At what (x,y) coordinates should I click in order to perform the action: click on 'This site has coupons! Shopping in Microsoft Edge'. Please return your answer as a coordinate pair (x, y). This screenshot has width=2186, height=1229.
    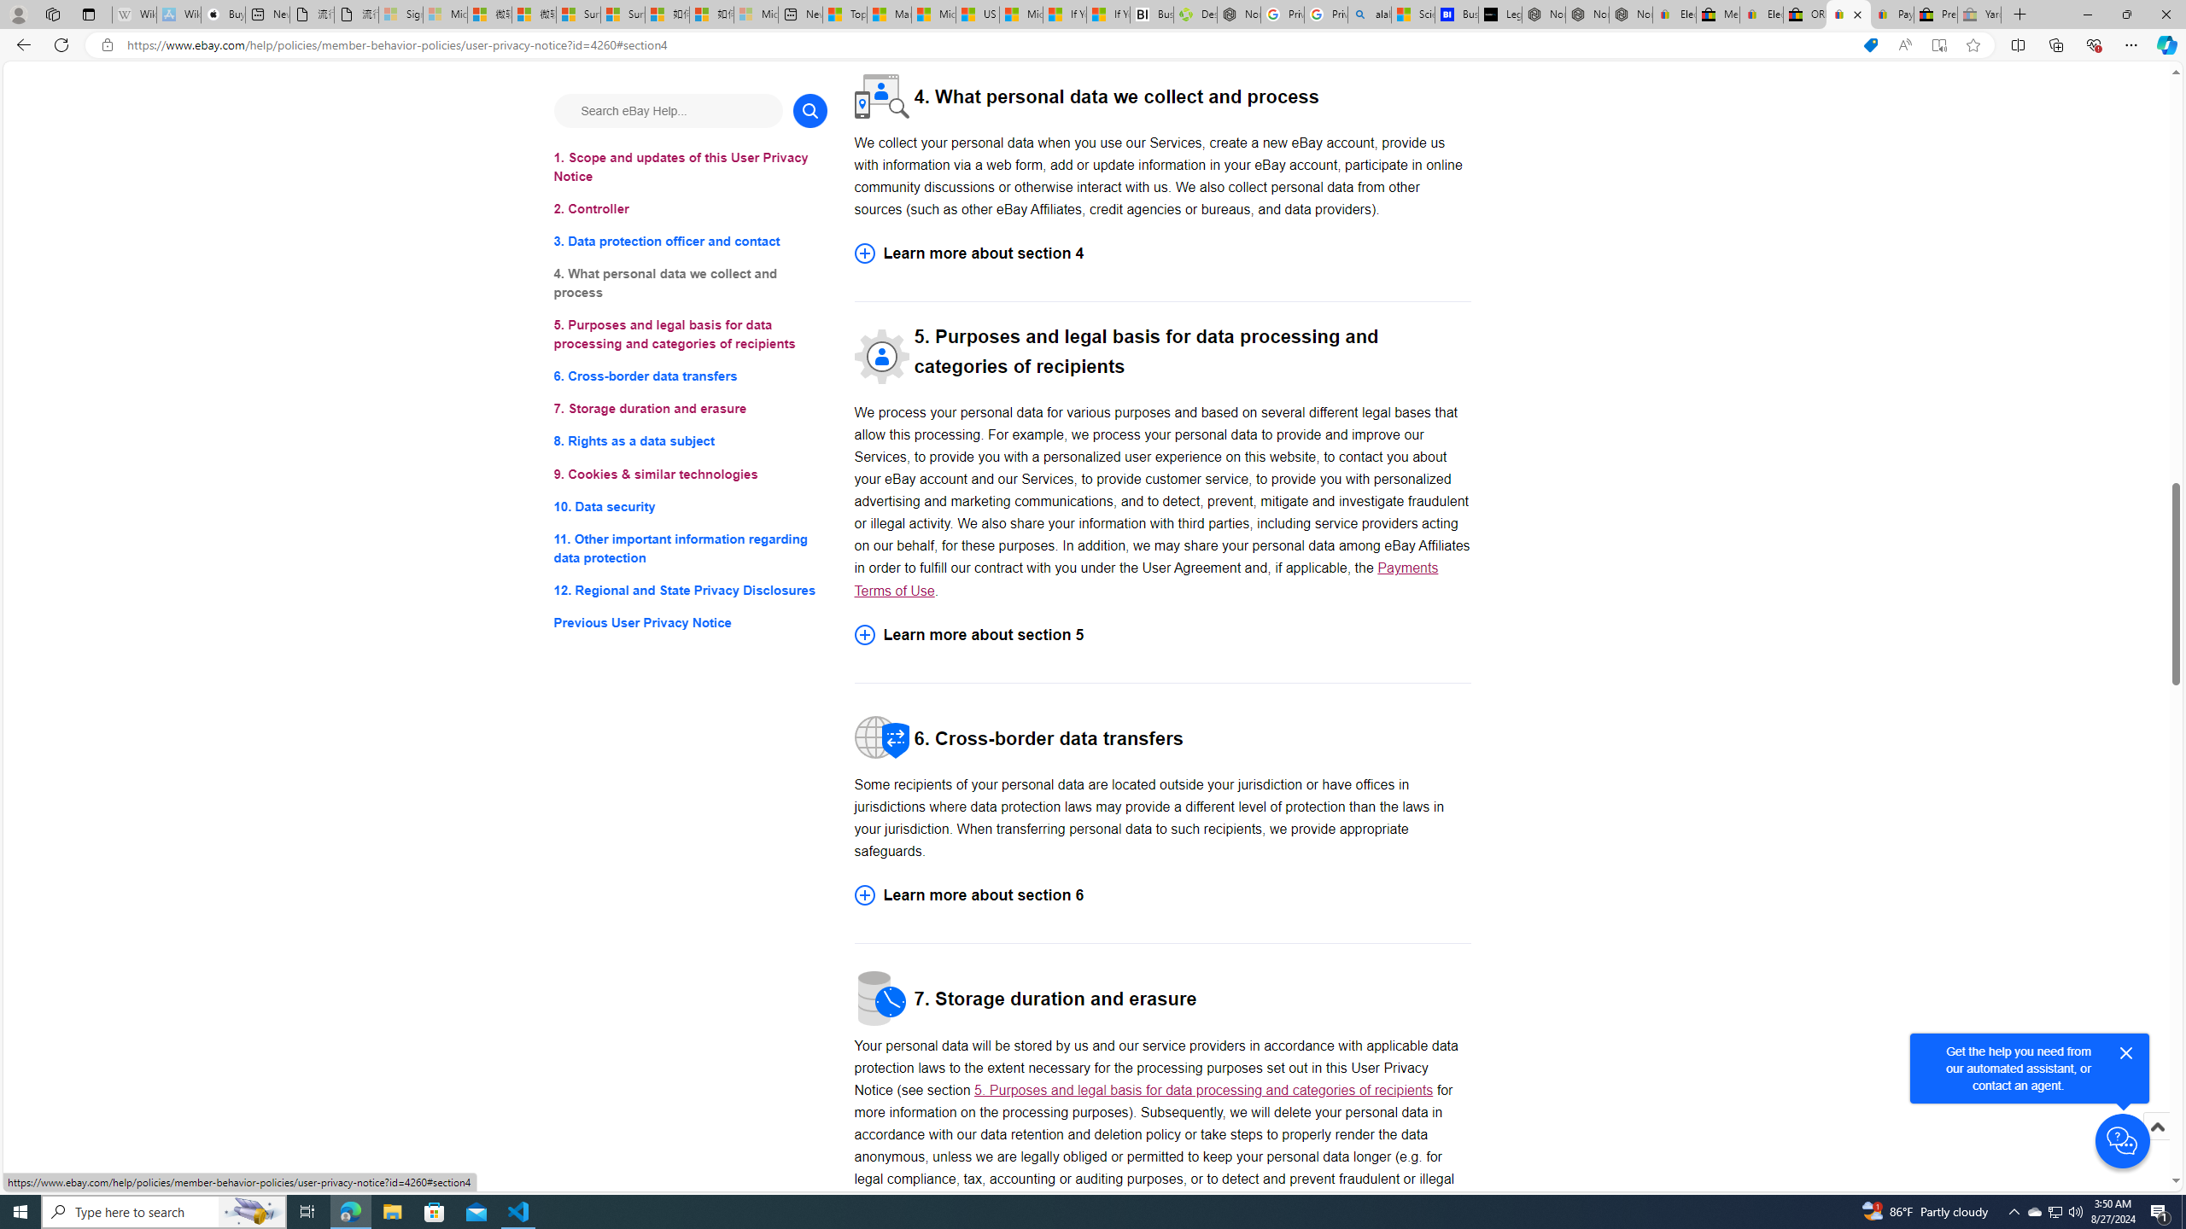
    Looking at the image, I should click on (1870, 45).